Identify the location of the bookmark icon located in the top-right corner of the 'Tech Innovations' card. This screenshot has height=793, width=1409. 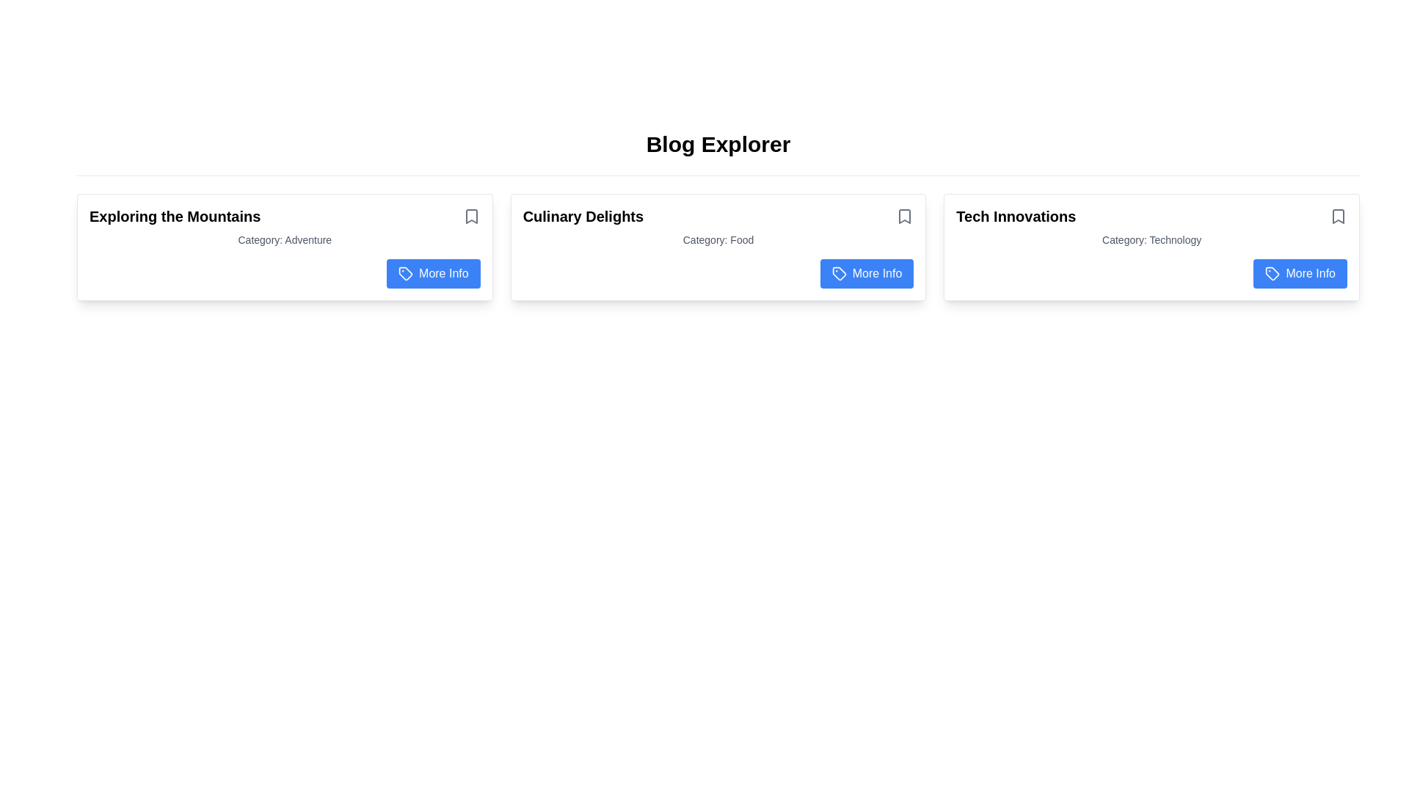
(1339, 216).